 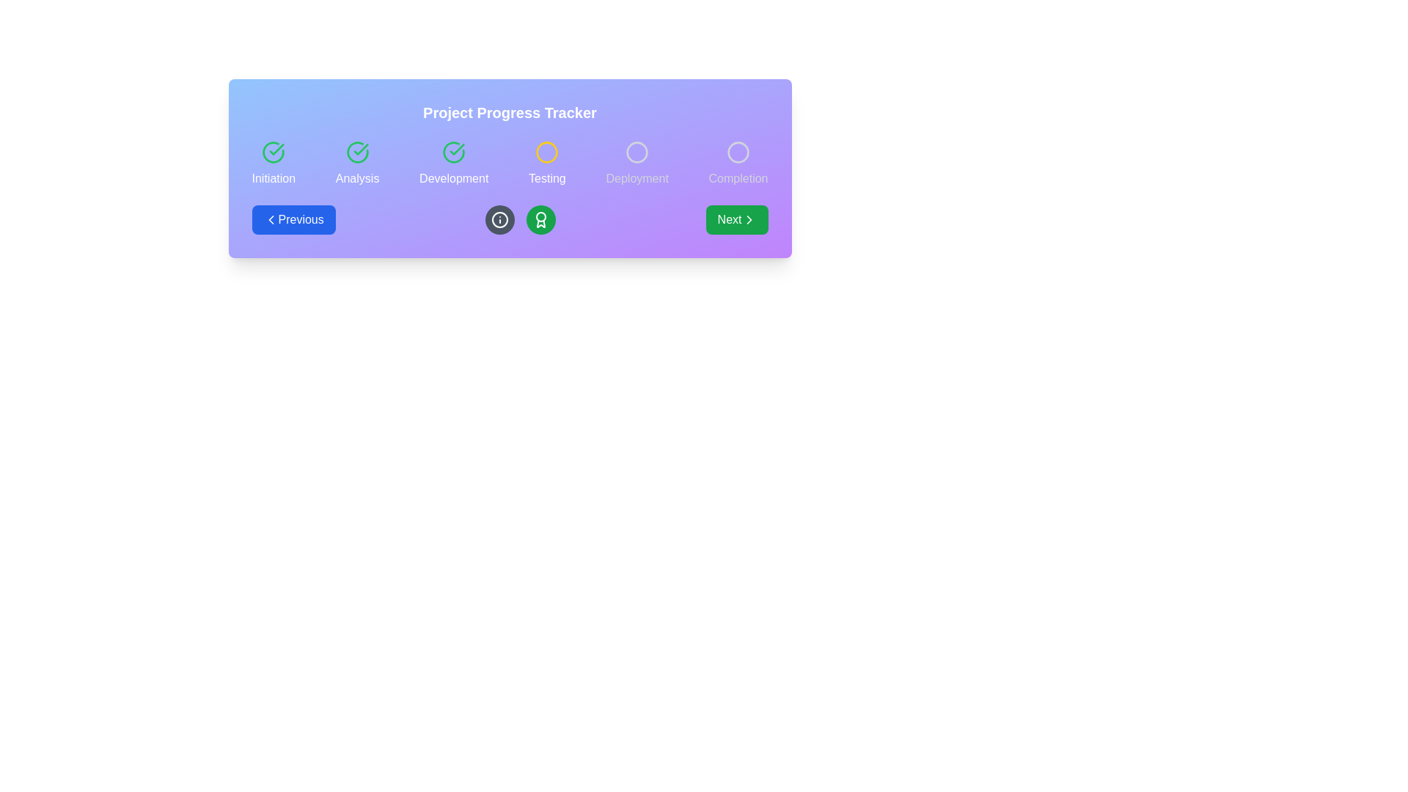 What do you see at coordinates (500, 220) in the screenshot?
I see `the small circular information icon with a gray background and white outline, containing a white exclamation mark, located near the lower middle of the interface` at bounding box center [500, 220].